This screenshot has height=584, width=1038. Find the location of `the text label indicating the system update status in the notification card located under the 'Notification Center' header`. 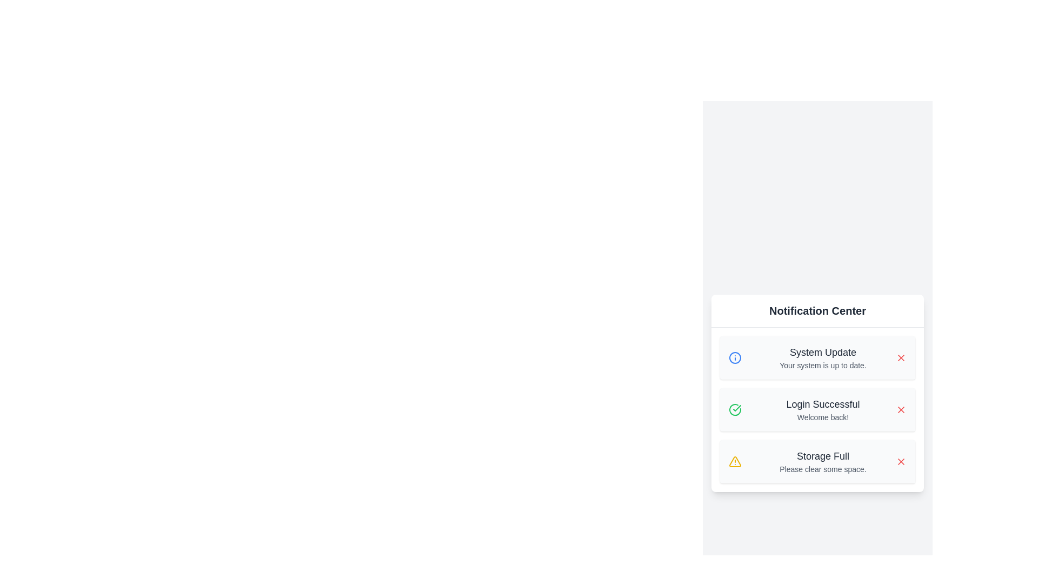

the text label indicating the system update status in the notification card located under the 'Notification Center' header is located at coordinates (822, 352).